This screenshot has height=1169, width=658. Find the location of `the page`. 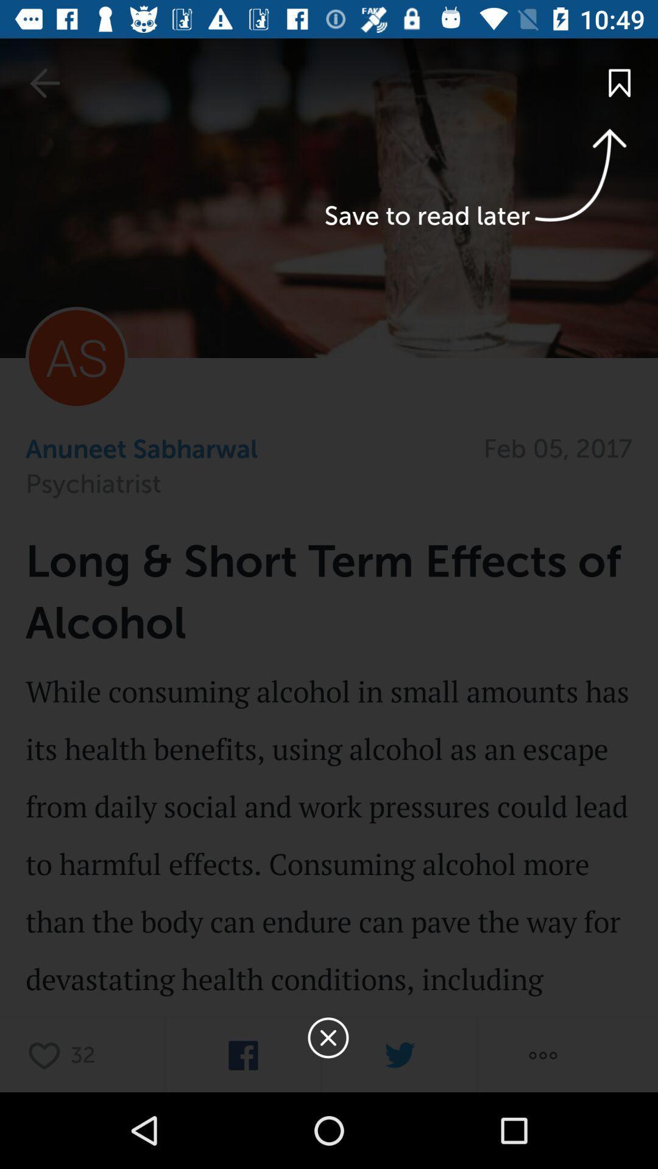

the page is located at coordinates (329, 878).